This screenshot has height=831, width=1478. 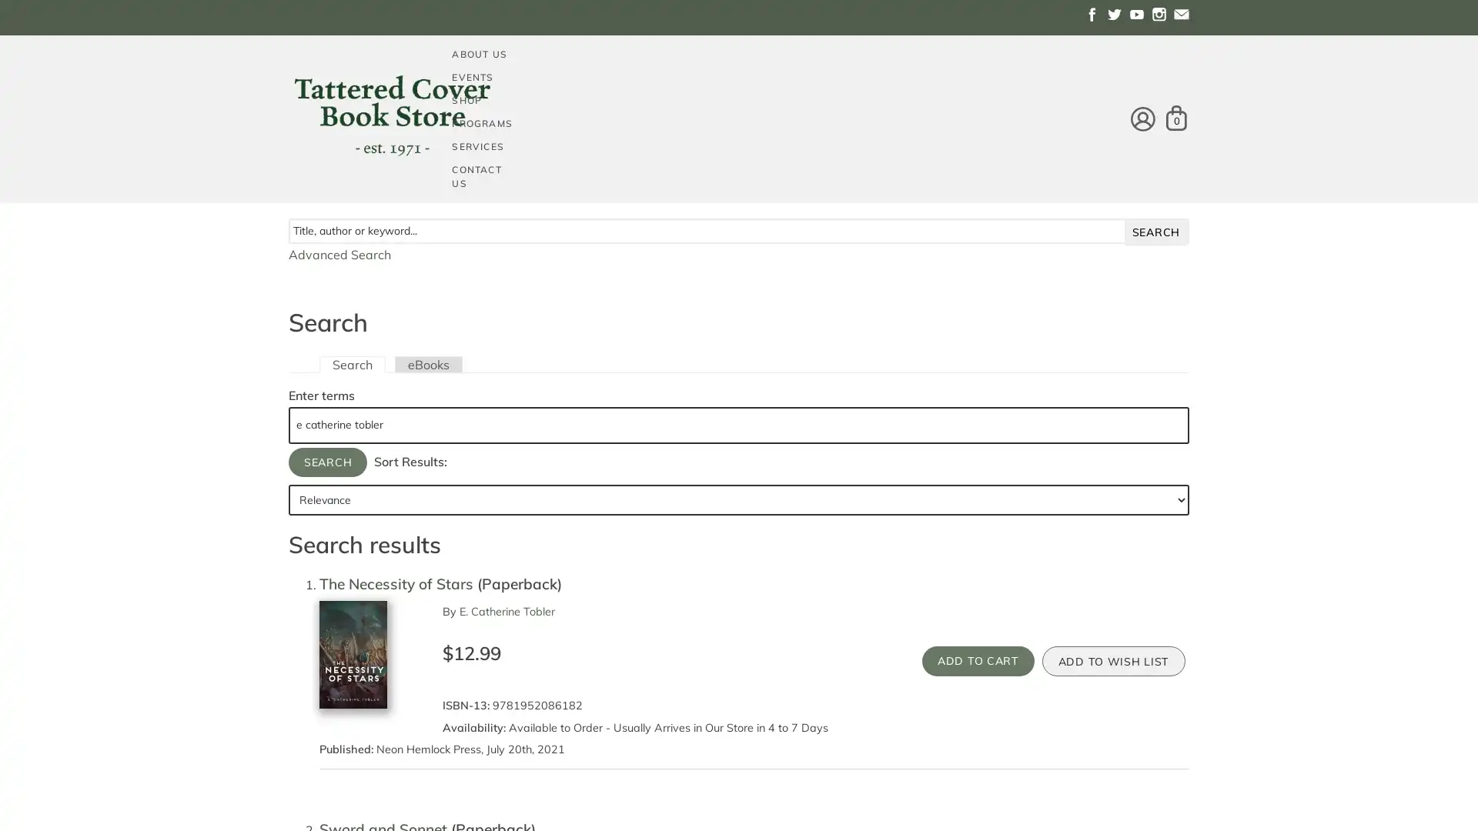 What do you see at coordinates (1155, 232) in the screenshot?
I see `search` at bounding box center [1155, 232].